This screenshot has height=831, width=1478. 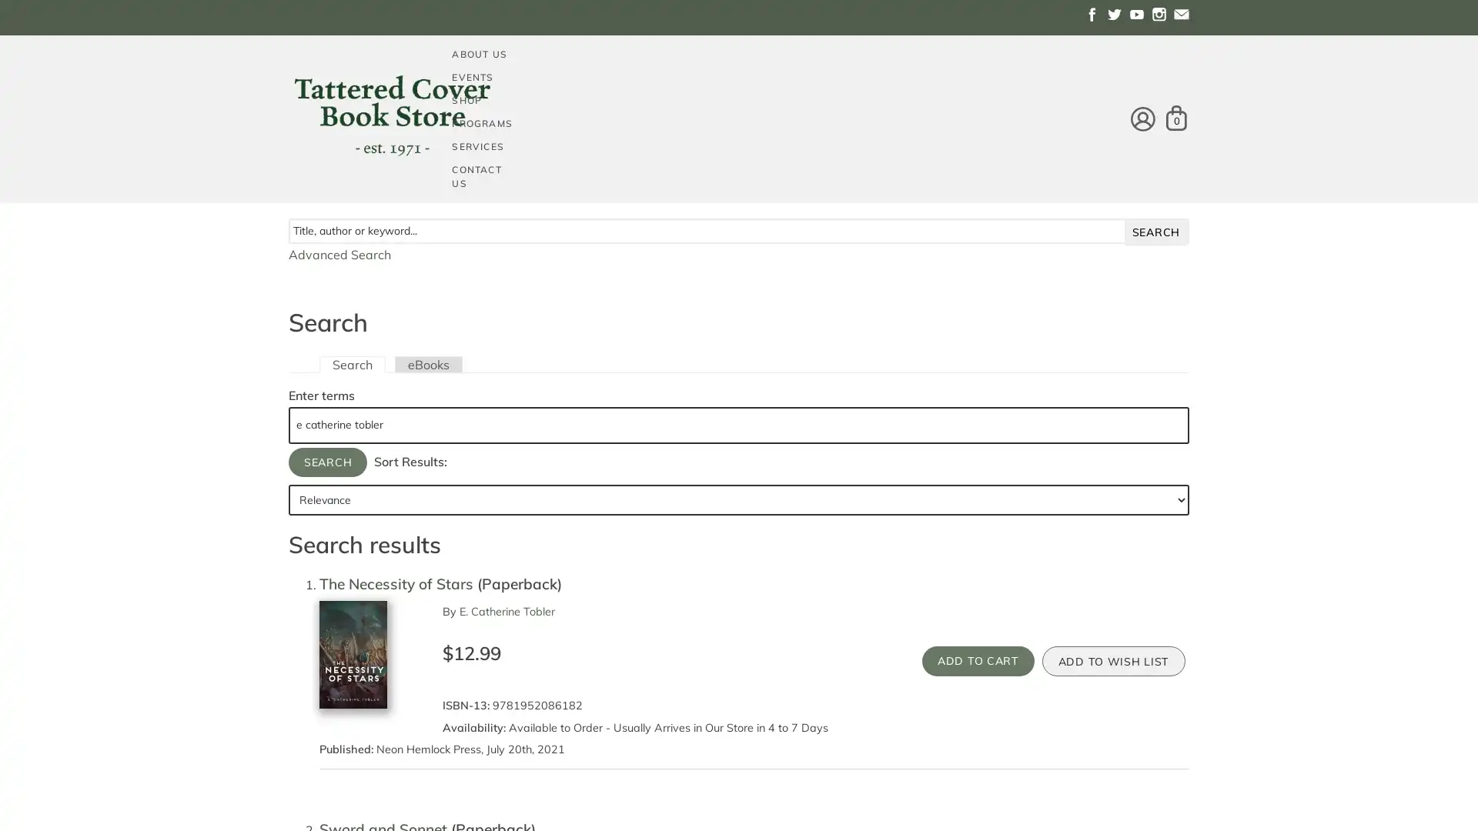 What do you see at coordinates (1155, 232) in the screenshot?
I see `search` at bounding box center [1155, 232].